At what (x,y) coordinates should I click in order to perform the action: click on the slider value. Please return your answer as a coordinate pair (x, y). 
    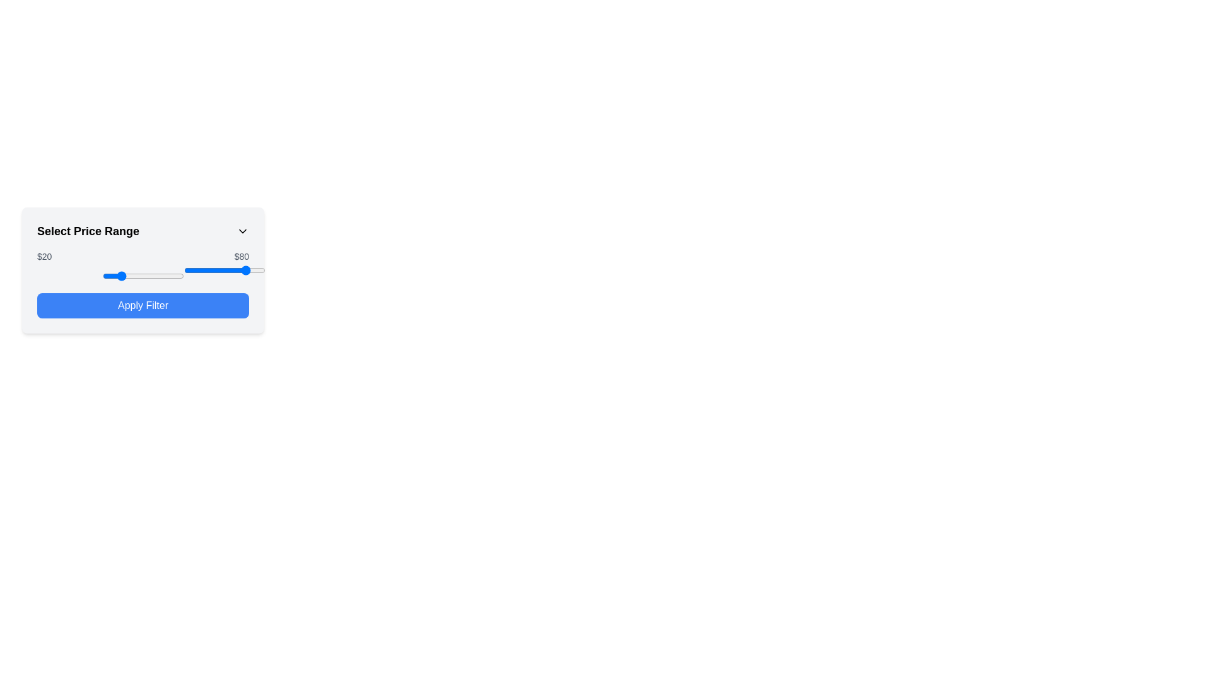
    Looking at the image, I should click on (132, 276).